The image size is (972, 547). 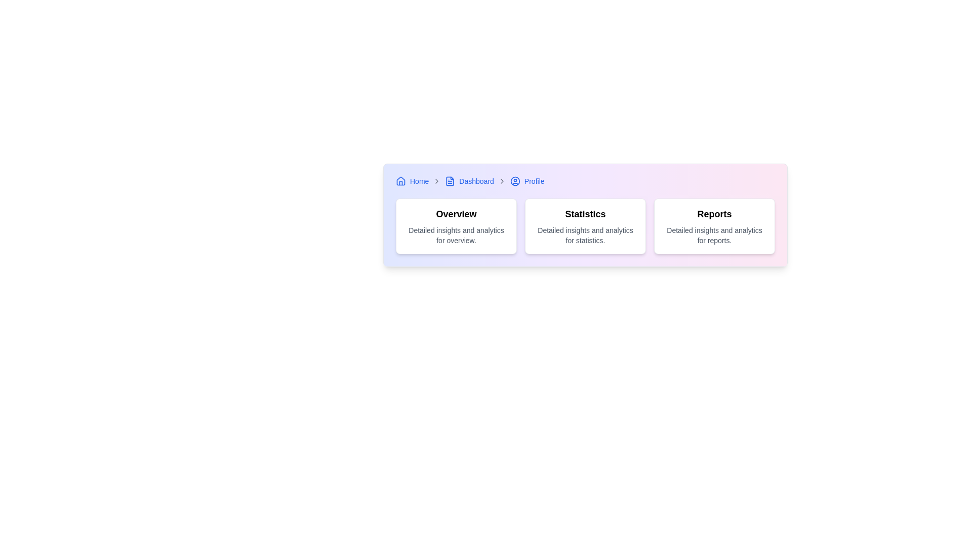 What do you see at coordinates (585, 226) in the screenshot?
I see `the 'Statistics' informational card, which is the second in a group of three horizontally arranged cards, positioned between the 'Overview' and 'Reports' cards` at bounding box center [585, 226].